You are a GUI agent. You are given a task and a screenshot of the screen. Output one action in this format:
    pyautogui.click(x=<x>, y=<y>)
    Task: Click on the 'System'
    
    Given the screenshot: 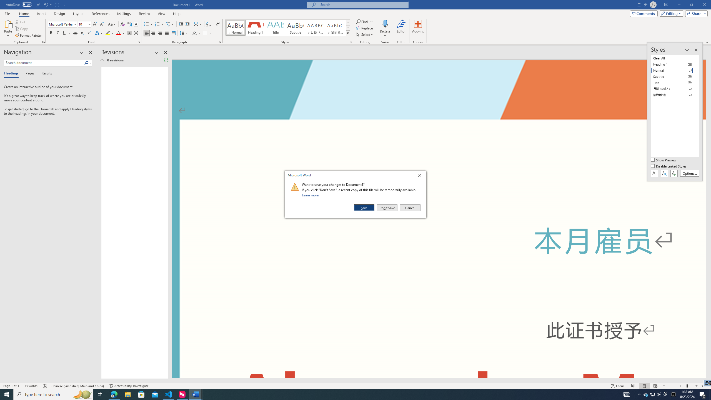 What is the action you would take?
    pyautogui.click(x=3, y=2)
    